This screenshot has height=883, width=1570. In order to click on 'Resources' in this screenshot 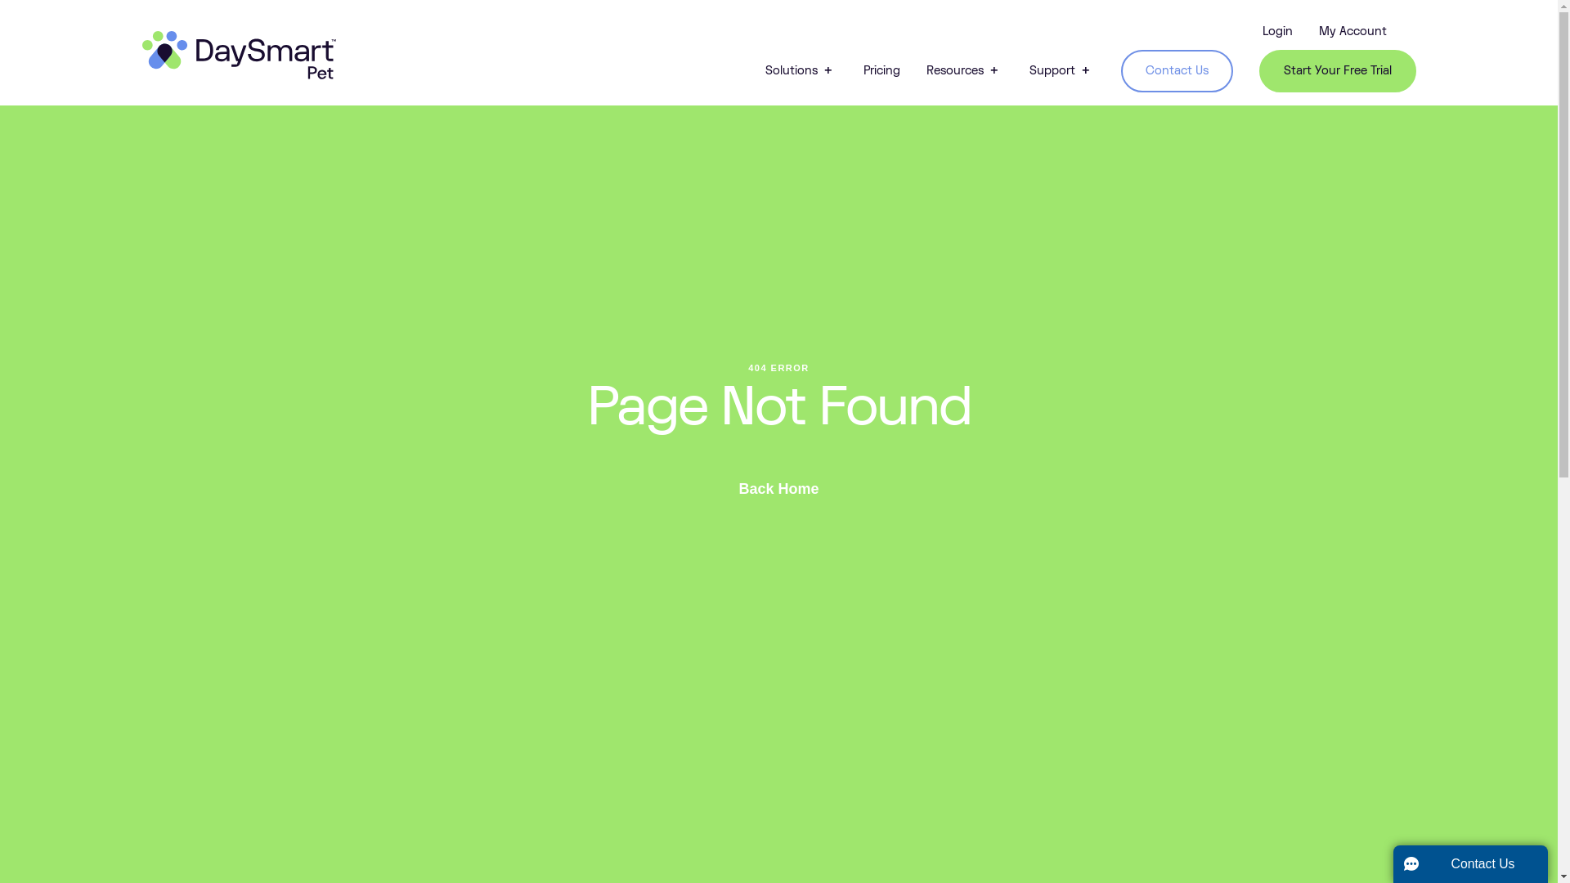, I will do `click(926, 69)`.